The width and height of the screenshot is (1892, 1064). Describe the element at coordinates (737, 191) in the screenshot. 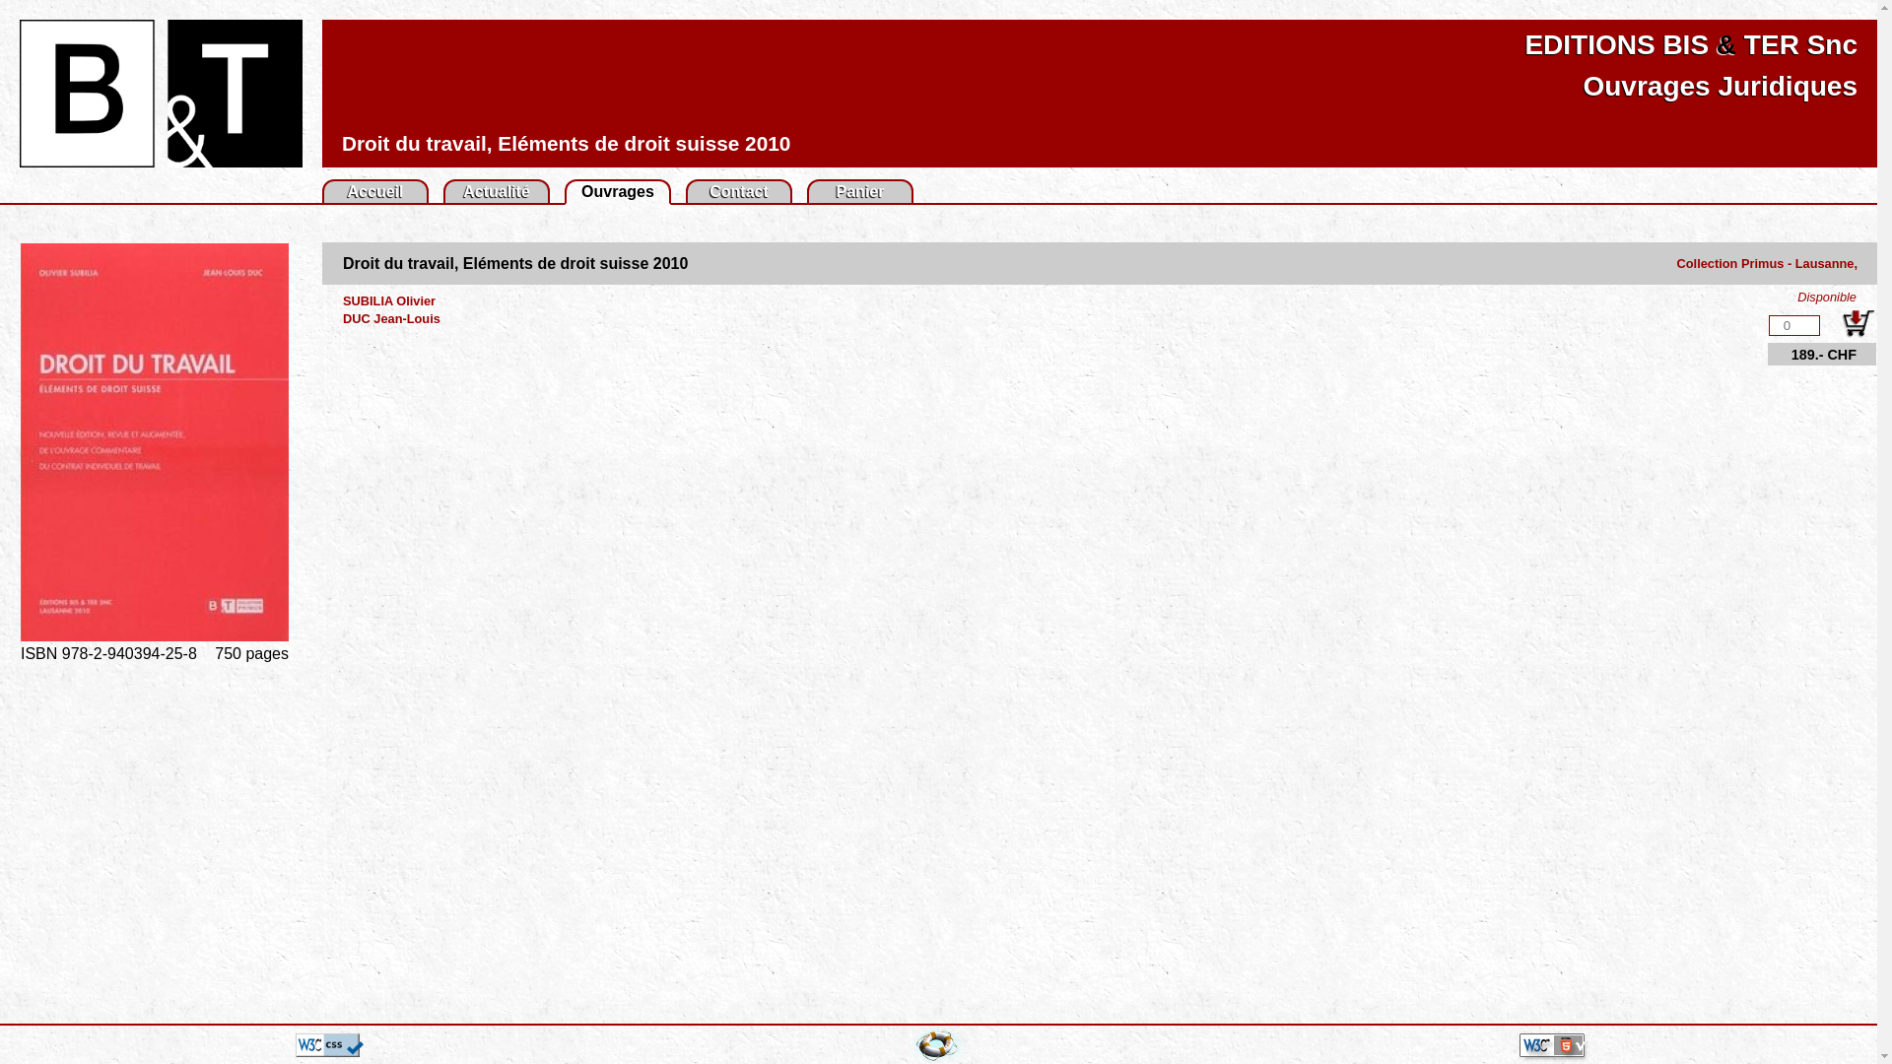

I see `'Contact'` at that location.